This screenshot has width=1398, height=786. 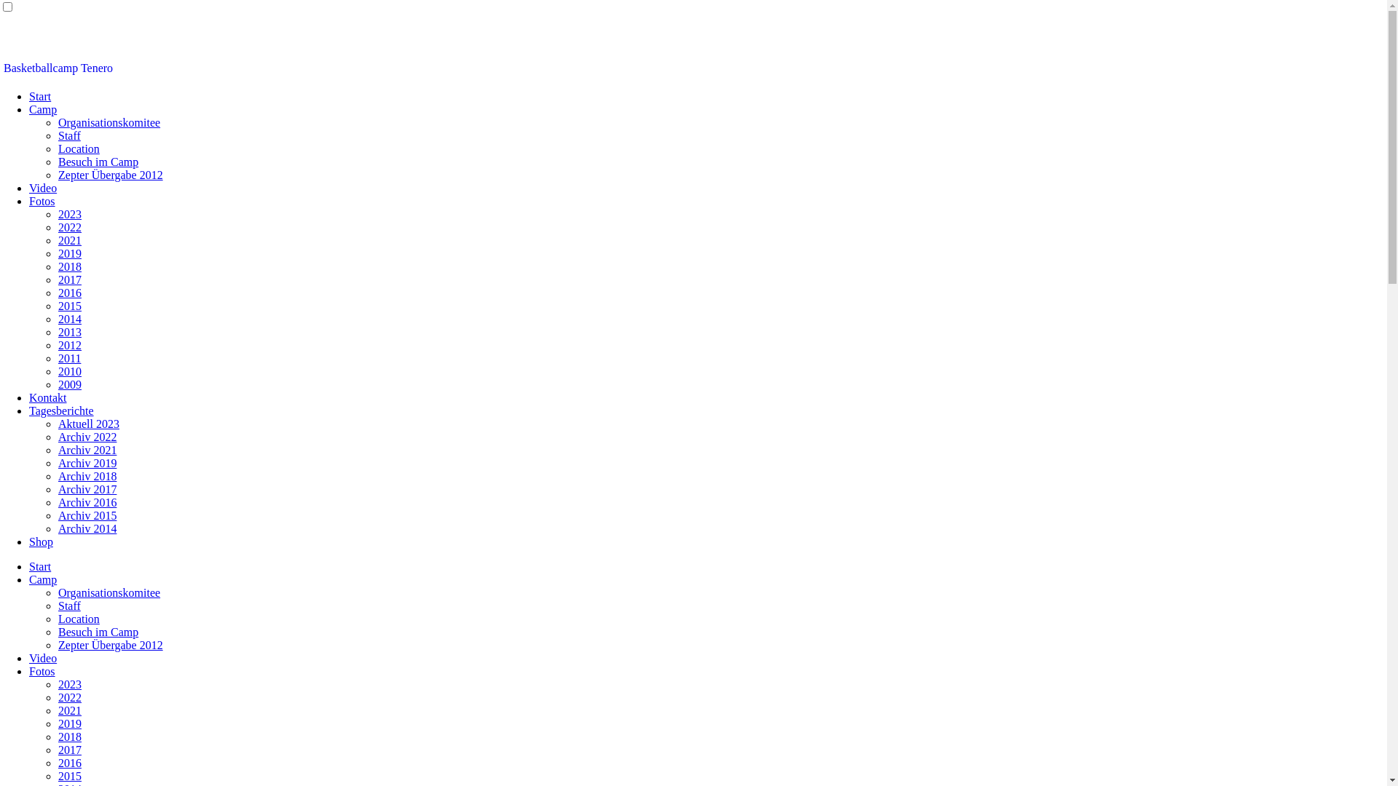 I want to click on 'Archiv 2021', so click(x=58, y=449).